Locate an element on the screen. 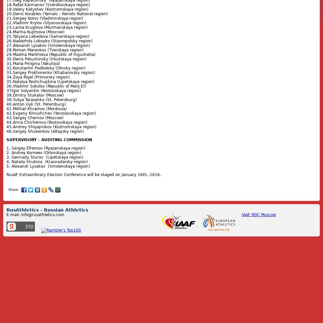  '42.Evgeny Khrushchev (Yaroslavskaya region)' is located at coordinates (51, 113).